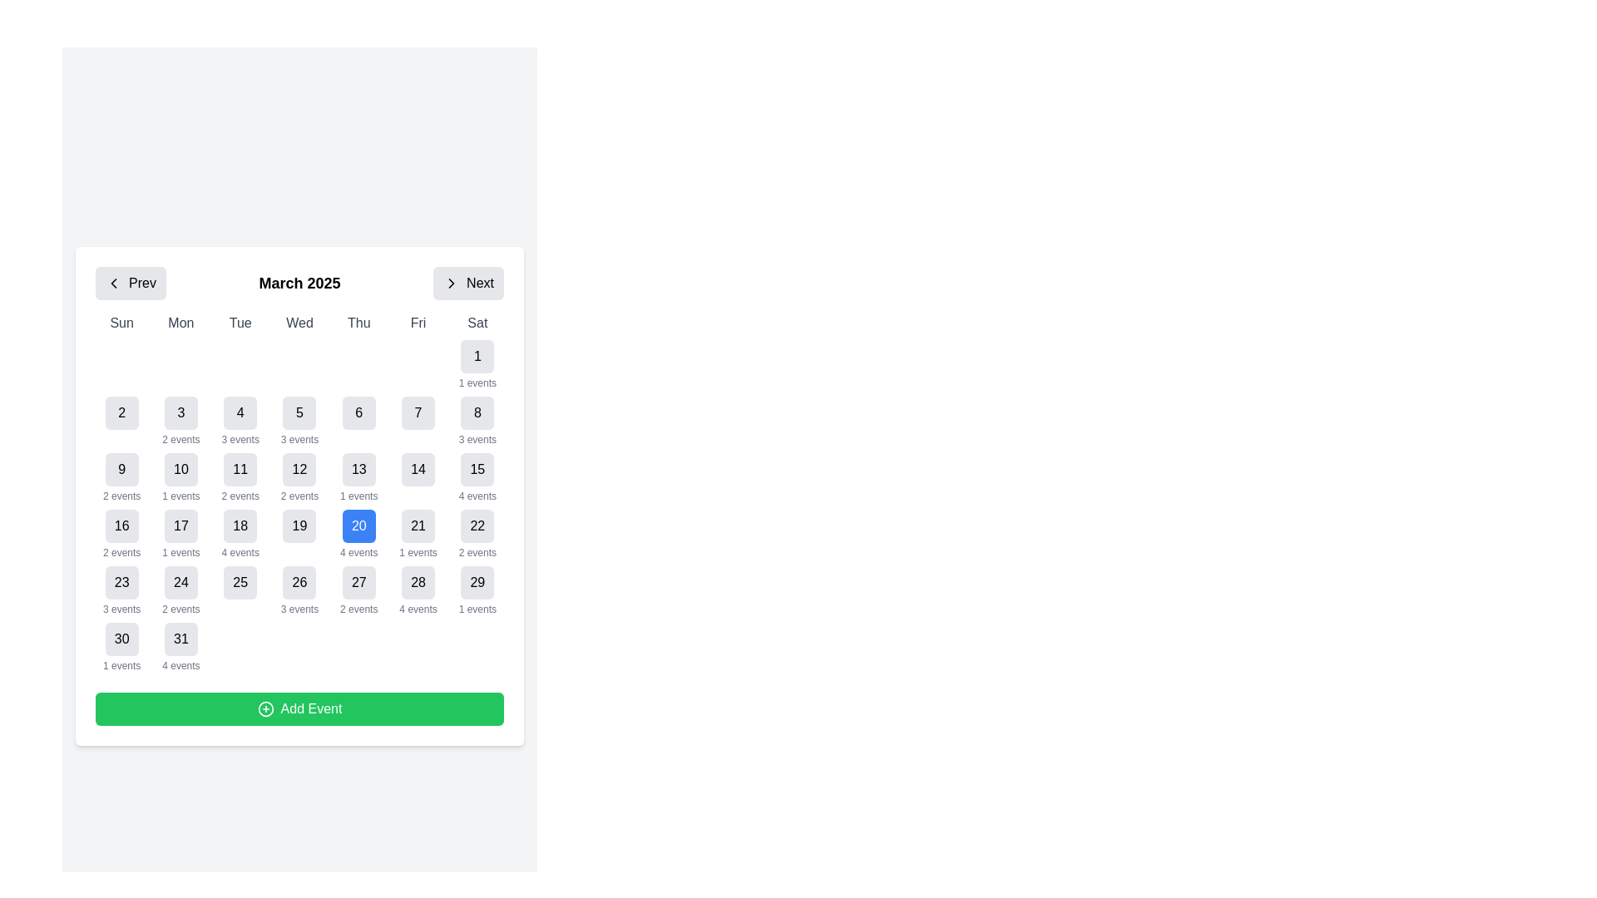  I want to click on the date selector button for March 28th in the calendar, so click(418, 582).